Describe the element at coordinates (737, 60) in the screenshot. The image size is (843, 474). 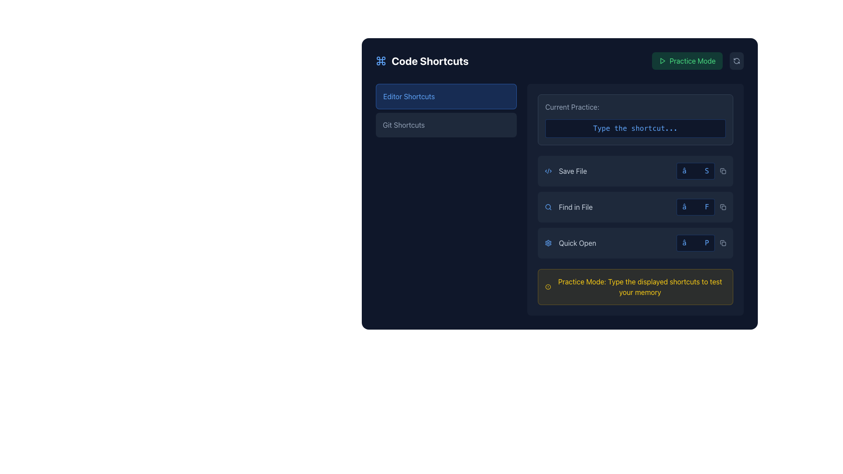
I see `the refresh button, which is a small, rounded square button with a dark slate background and lighter slate text, featuring a refresh icon made of circular arrows, located towards the top-right corner of the interface` at that location.